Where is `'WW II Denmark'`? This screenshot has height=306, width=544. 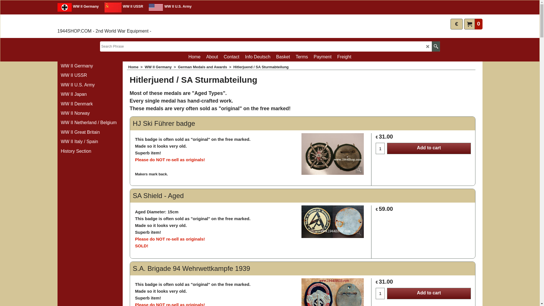 'WW II Denmark' is located at coordinates (89, 104).